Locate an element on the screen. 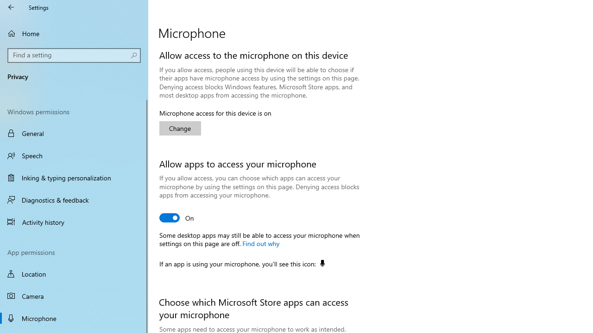  'Change' is located at coordinates (180, 128).